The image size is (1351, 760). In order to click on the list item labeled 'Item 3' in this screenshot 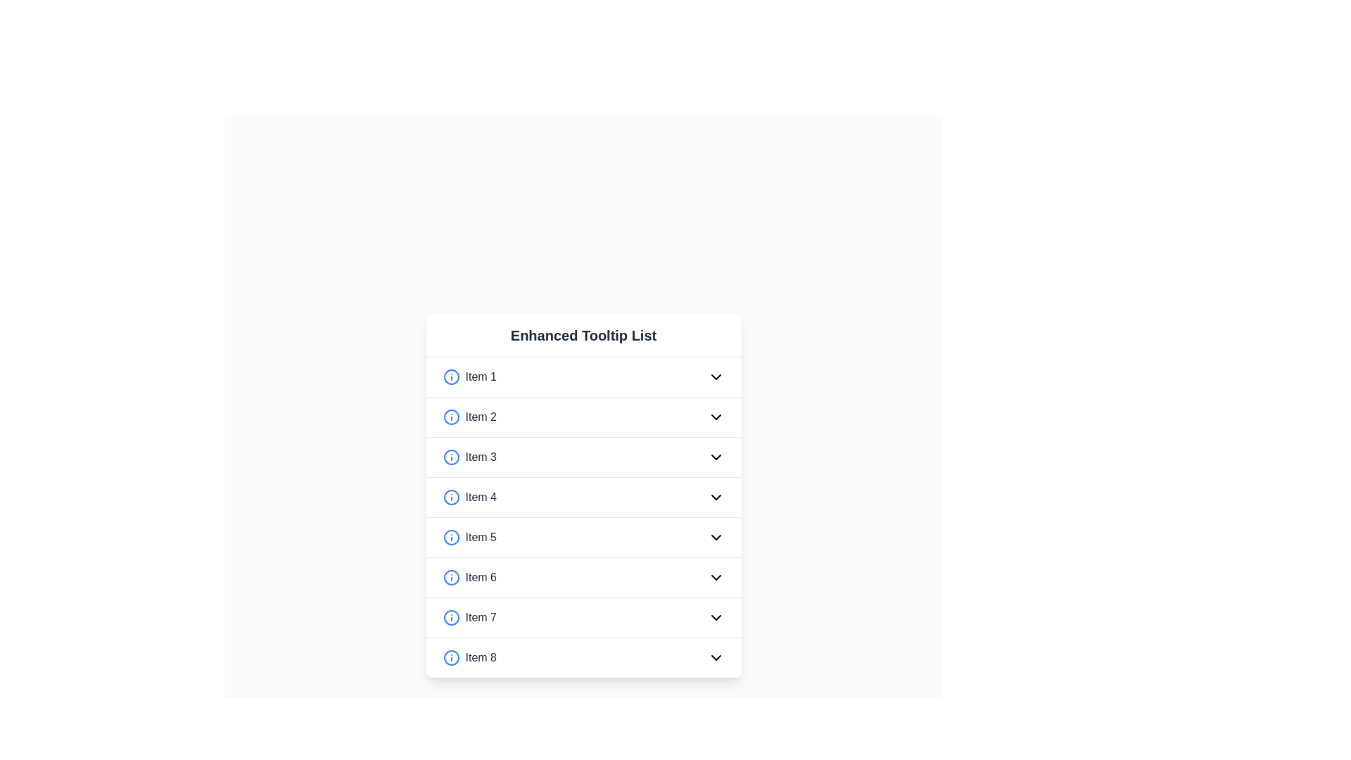, I will do `click(583, 457)`.